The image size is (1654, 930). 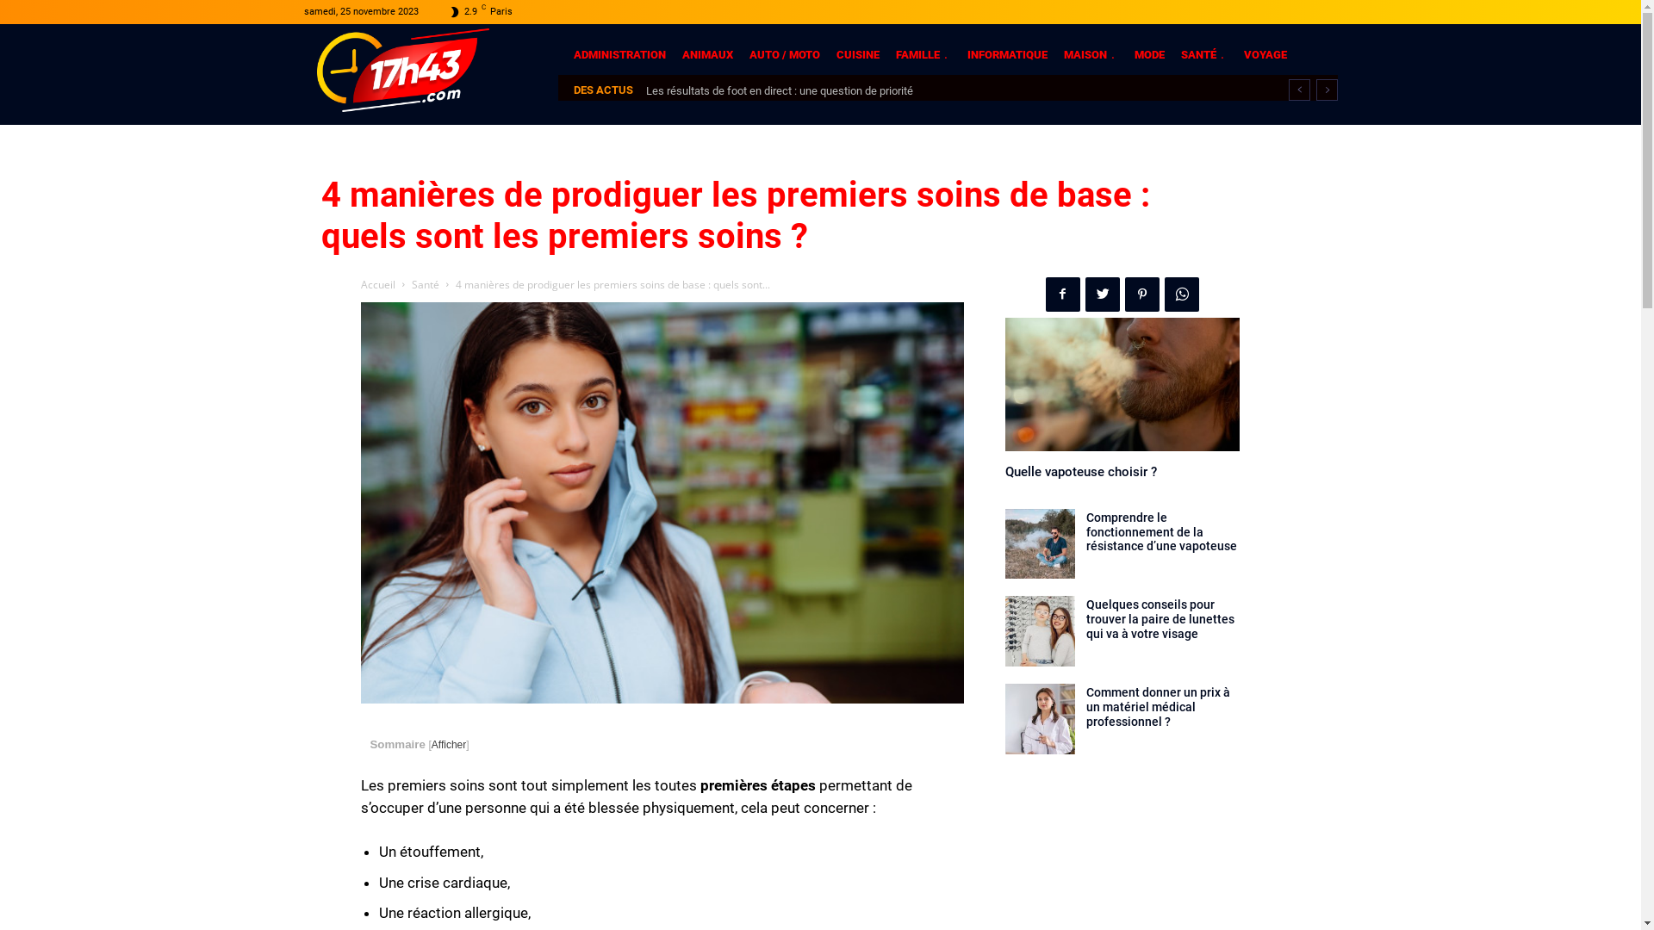 What do you see at coordinates (1006, 53) in the screenshot?
I see `'INFORMATIQUE'` at bounding box center [1006, 53].